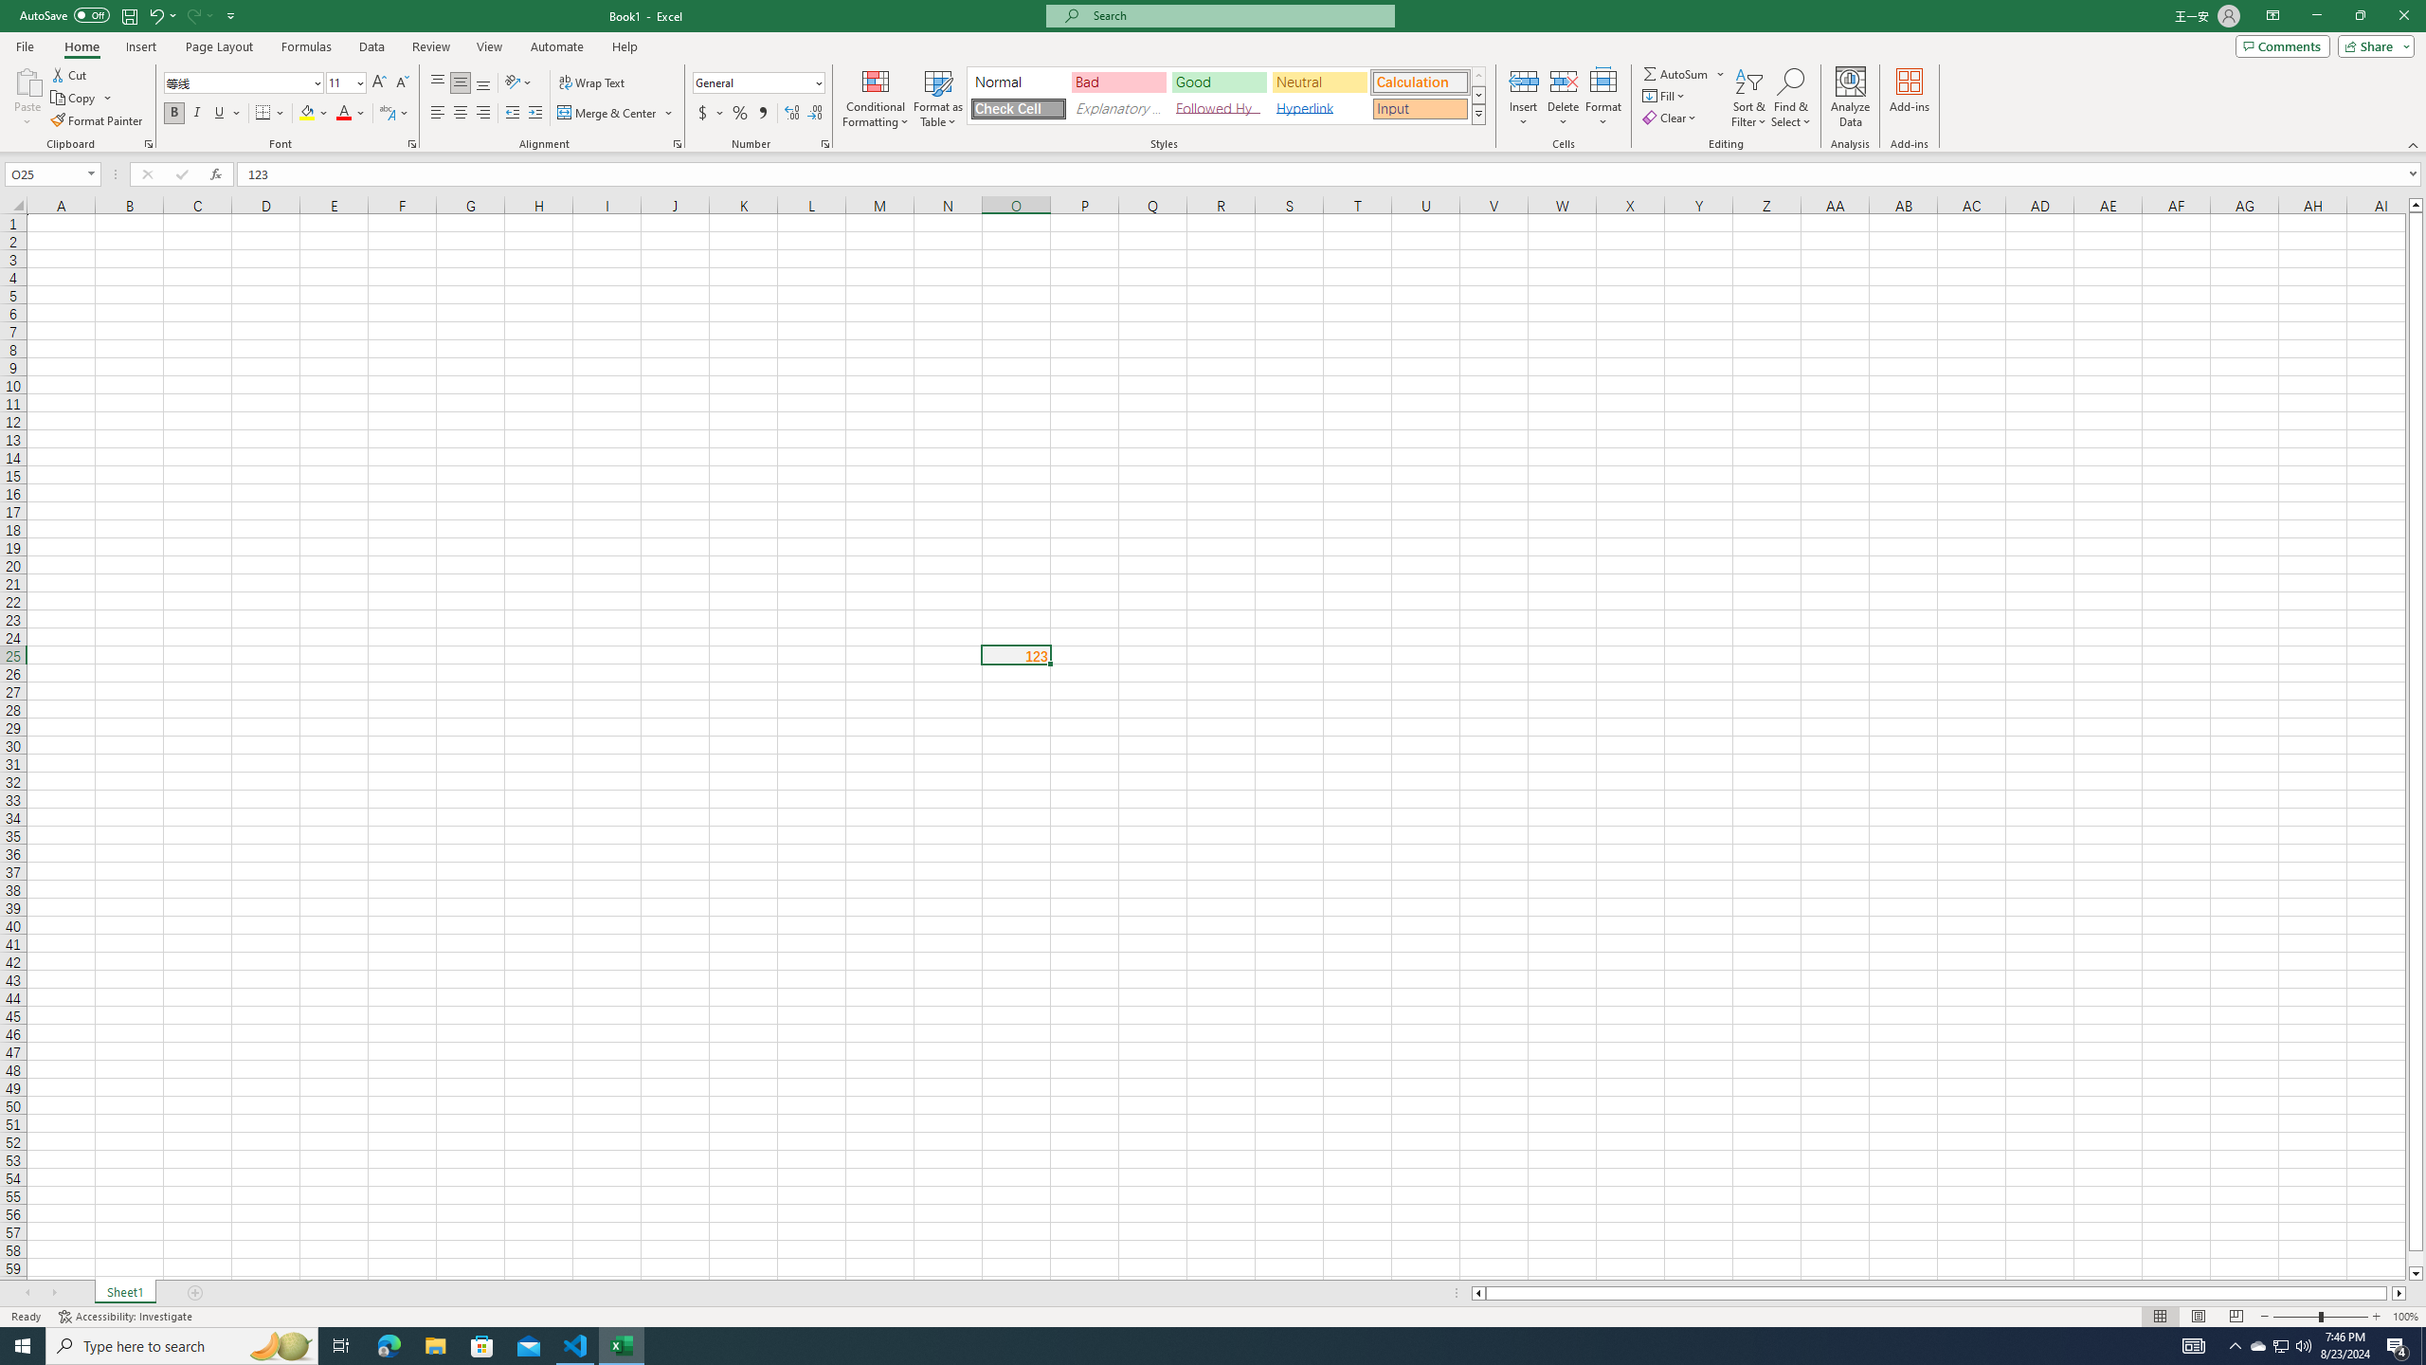 The width and height of the screenshot is (2426, 1365). I want to click on 'Office Clipboard...', so click(147, 142).